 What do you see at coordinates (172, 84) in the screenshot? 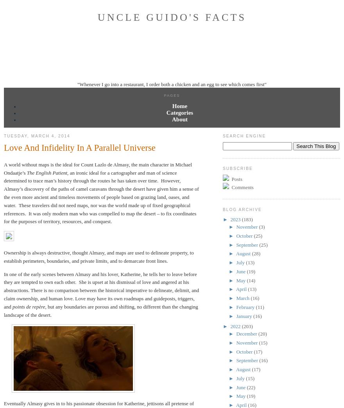
I see `'"Whenever I go into a restaurant, I order both a chicken and an egg to see which comes first"'` at bounding box center [172, 84].